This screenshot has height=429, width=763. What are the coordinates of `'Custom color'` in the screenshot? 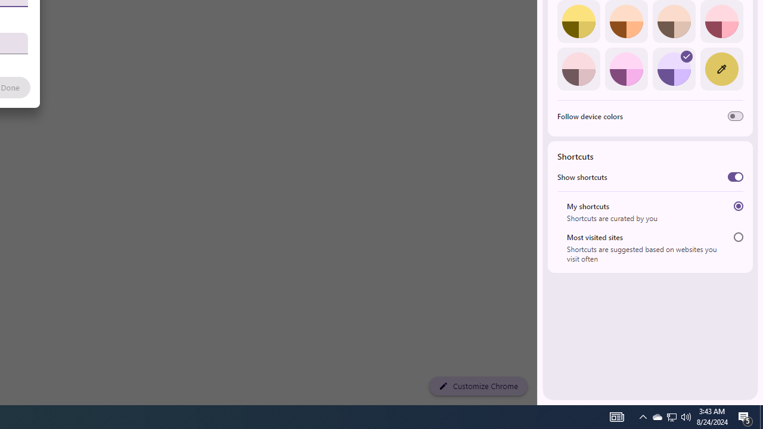 It's located at (721, 69).